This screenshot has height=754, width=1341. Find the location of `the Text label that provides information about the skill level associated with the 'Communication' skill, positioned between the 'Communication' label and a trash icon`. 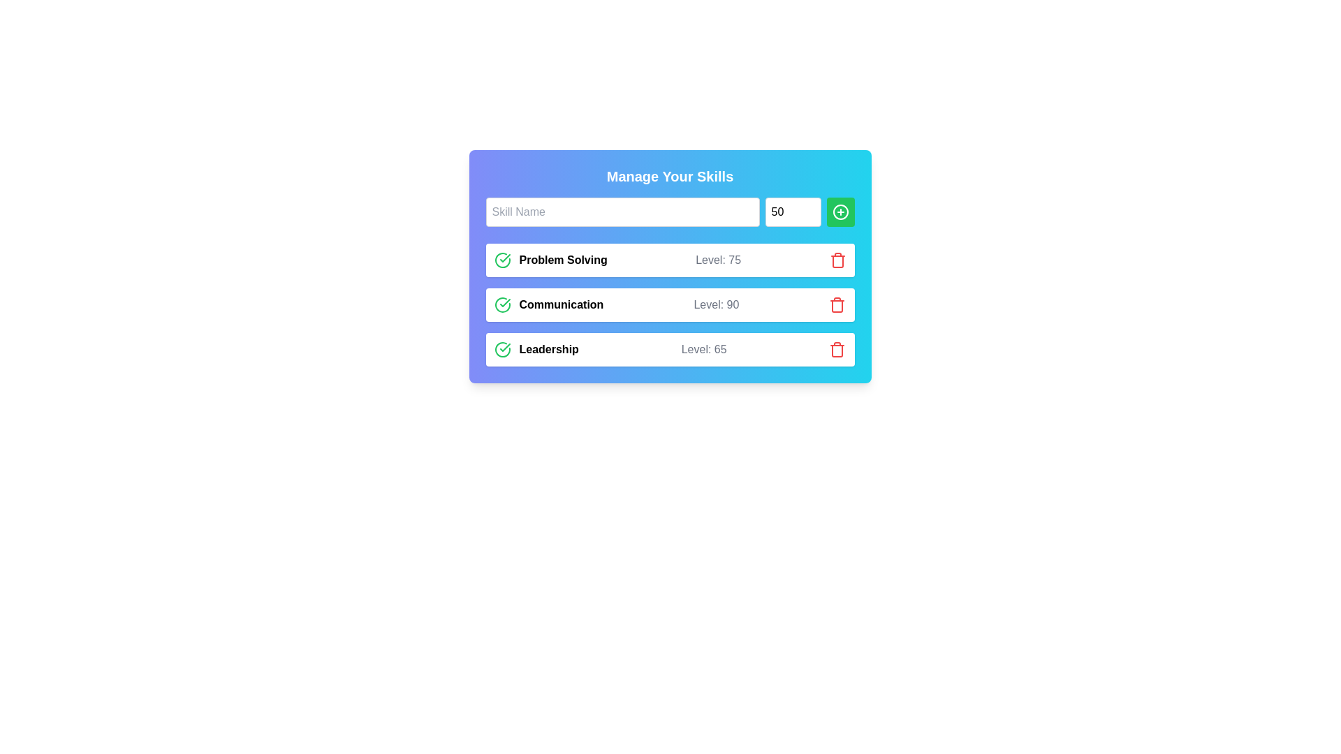

the Text label that provides information about the skill level associated with the 'Communication' skill, positioned between the 'Communication' label and a trash icon is located at coordinates (716, 304).